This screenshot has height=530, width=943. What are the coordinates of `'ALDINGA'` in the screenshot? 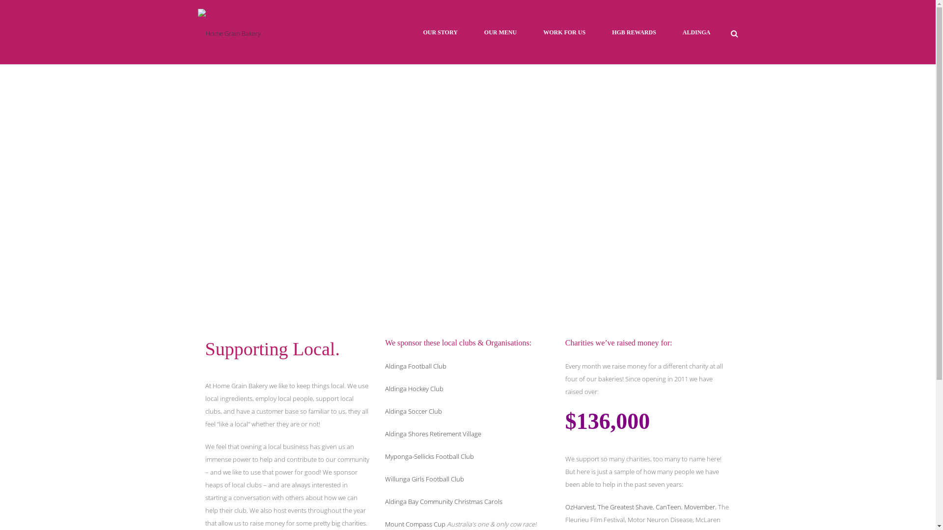 It's located at (696, 31).